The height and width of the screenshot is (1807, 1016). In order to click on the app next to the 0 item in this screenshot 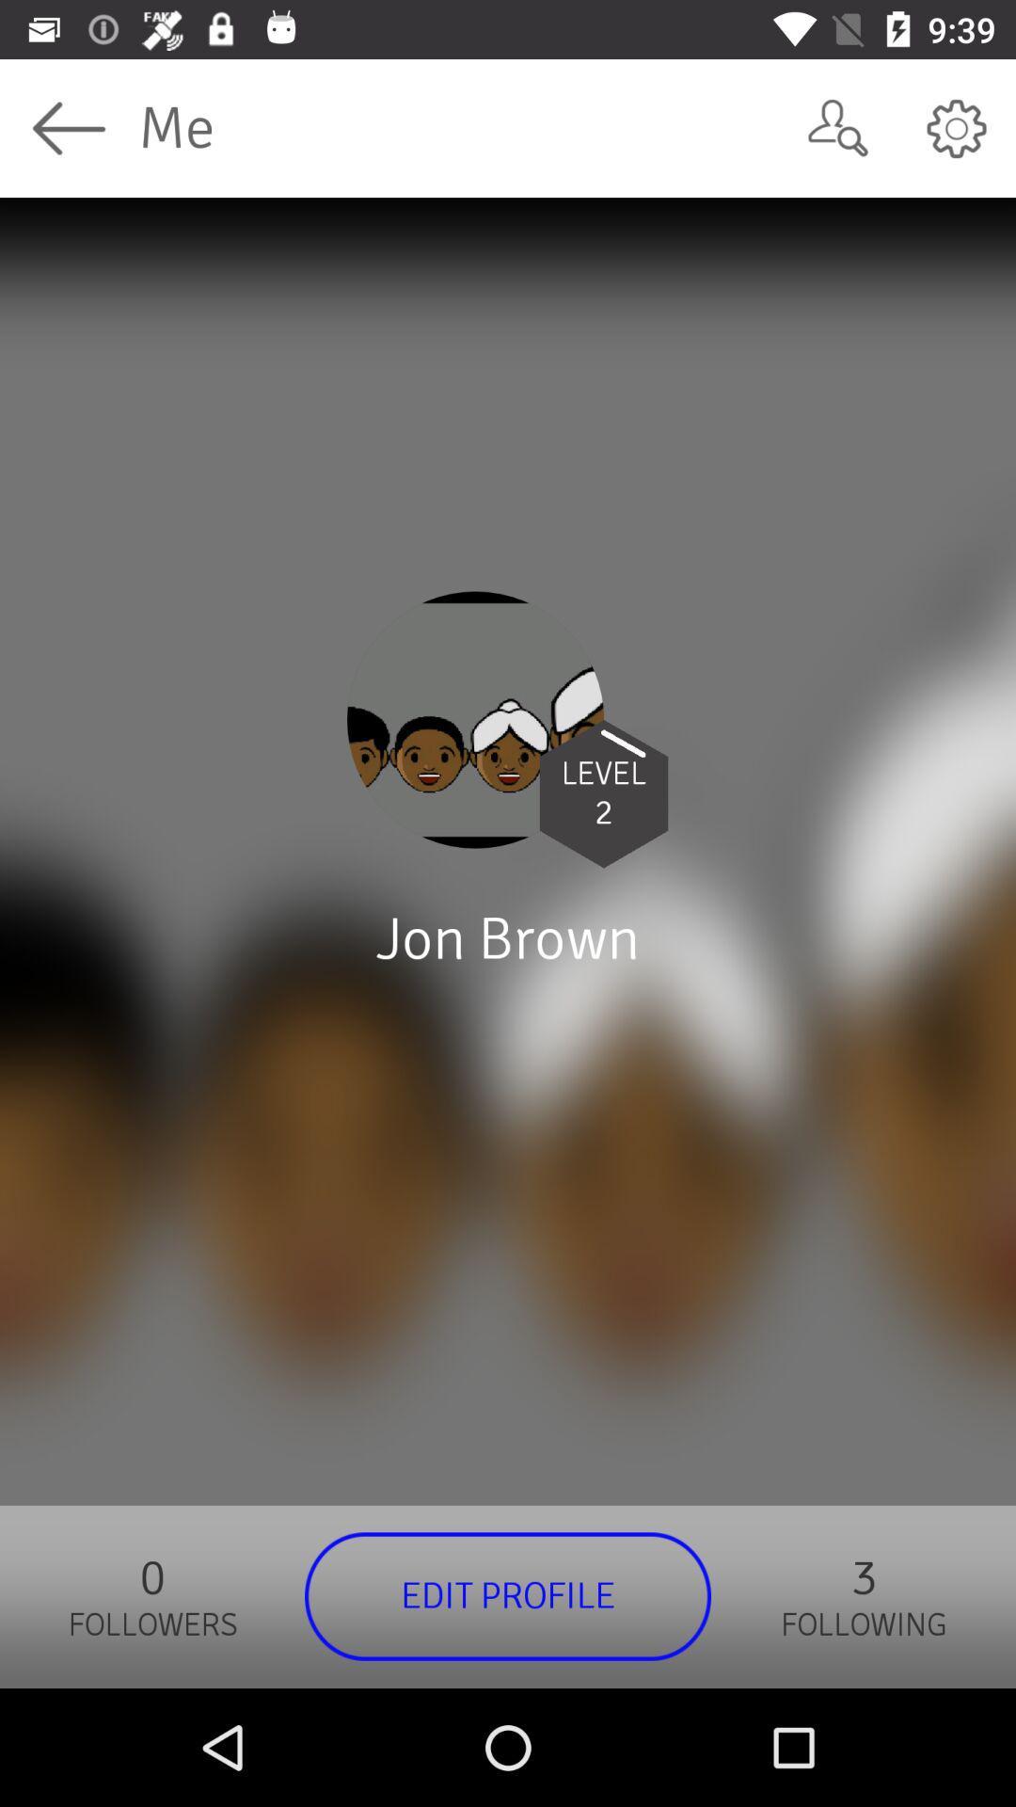, I will do `click(508, 1595)`.